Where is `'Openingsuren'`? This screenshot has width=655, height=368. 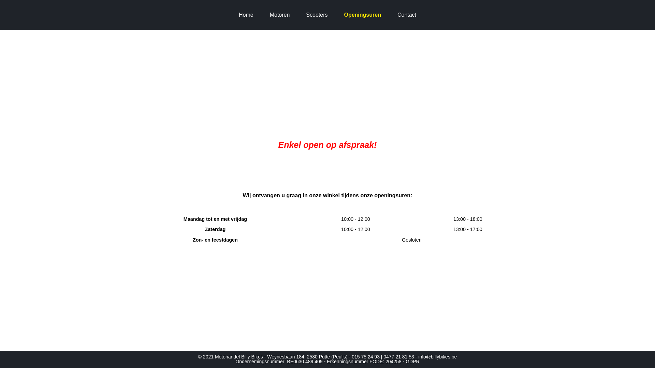
'Openingsuren' is located at coordinates (339, 15).